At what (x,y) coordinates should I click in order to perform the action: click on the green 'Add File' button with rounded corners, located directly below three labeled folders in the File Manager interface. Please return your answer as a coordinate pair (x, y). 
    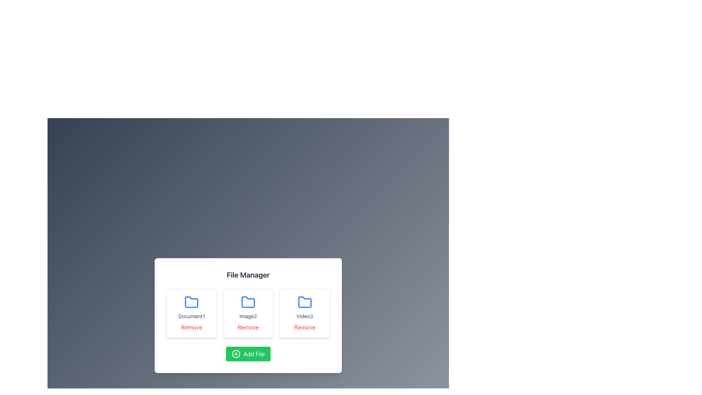
    Looking at the image, I should click on (248, 354).